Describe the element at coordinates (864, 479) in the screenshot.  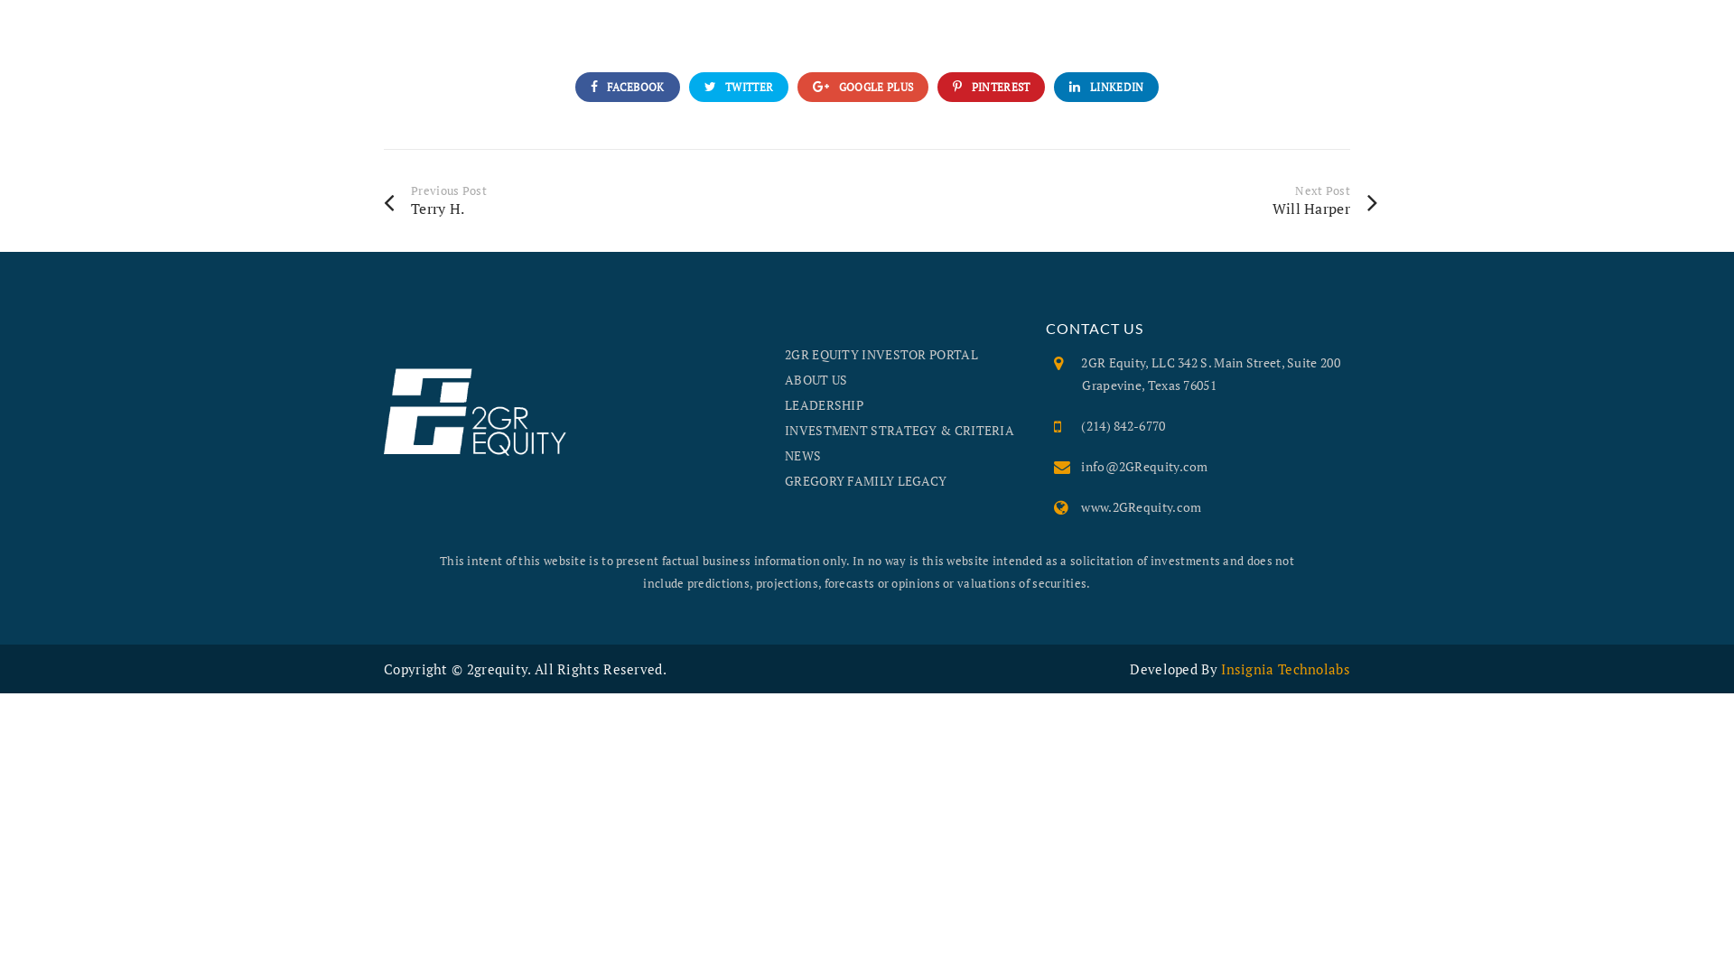
I see `'GREGORY FAMILY LEGACY'` at that location.